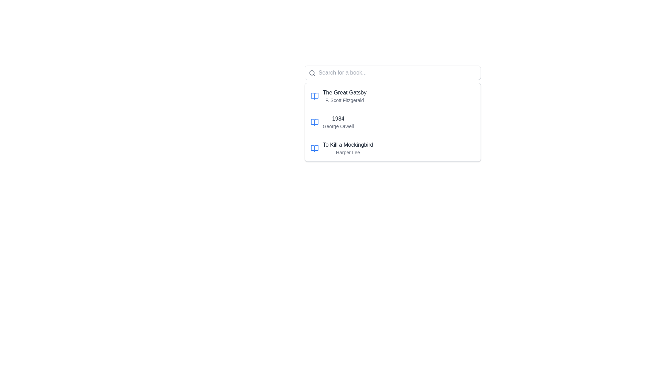 Image resolution: width=661 pixels, height=371 pixels. What do you see at coordinates (314, 96) in the screenshot?
I see `the icon representing the book title 'The Great Gatsby' and author 'F. Scott Fitzgerald'` at bounding box center [314, 96].